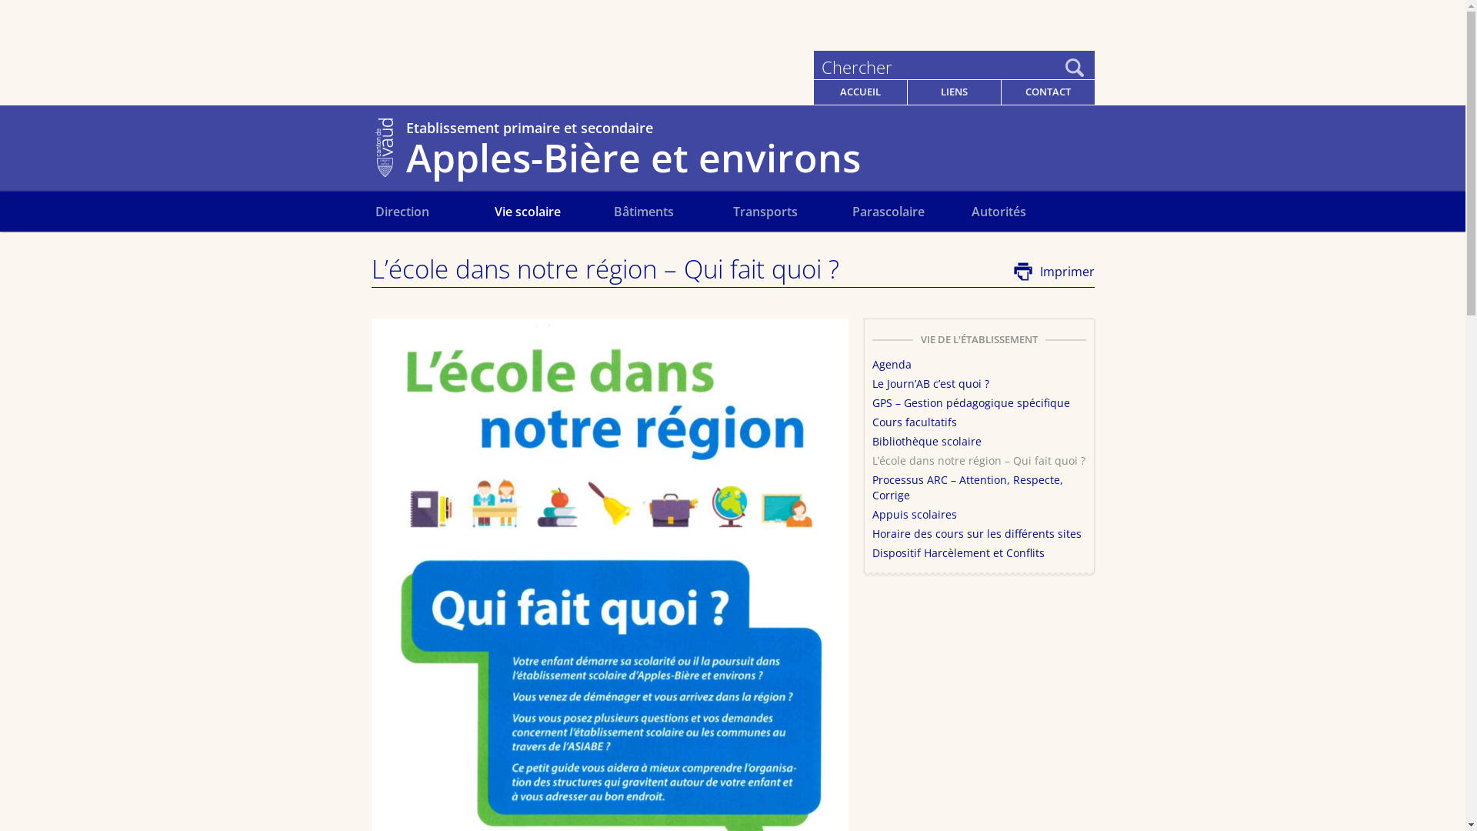  What do you see at coordinates (375, 211) in the screenshot?
I see `'Direction'` at bounding box center [375, 211].